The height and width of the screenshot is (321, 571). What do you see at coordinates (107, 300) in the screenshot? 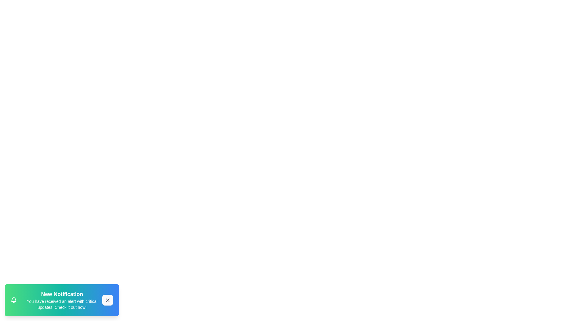
I see `the close button to dismiss the notification` at bounding box center [107, 300].